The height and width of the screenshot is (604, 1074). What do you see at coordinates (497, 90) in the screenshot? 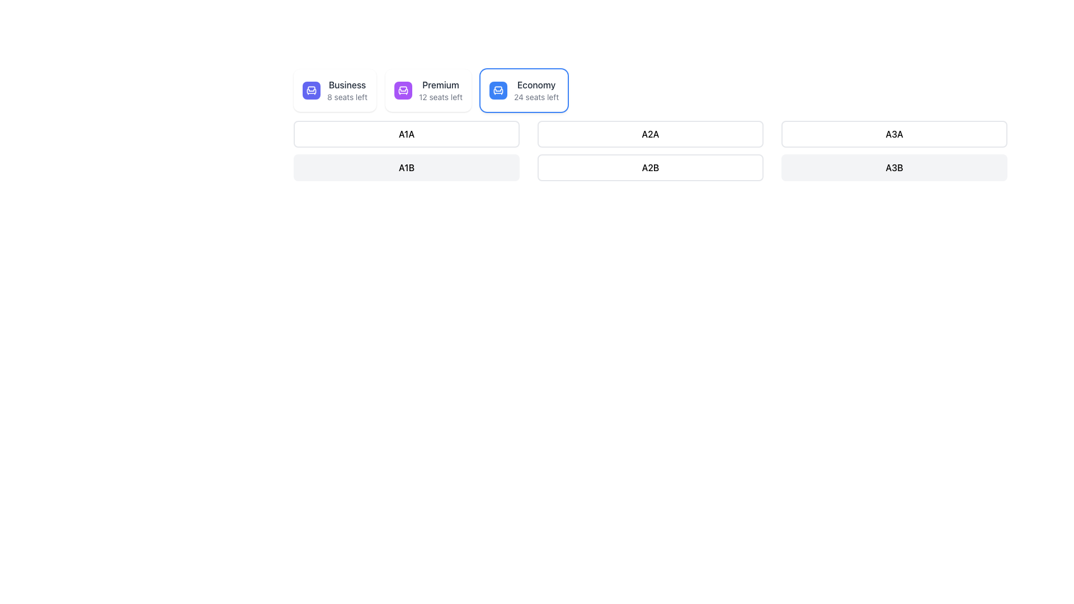
I see `the selectable card or button representing the 'Economy' seating option, located in the 'Economy 24 seats left' section, which is the third button from the left in a horizontal layout` at bounding box center [497, 90].